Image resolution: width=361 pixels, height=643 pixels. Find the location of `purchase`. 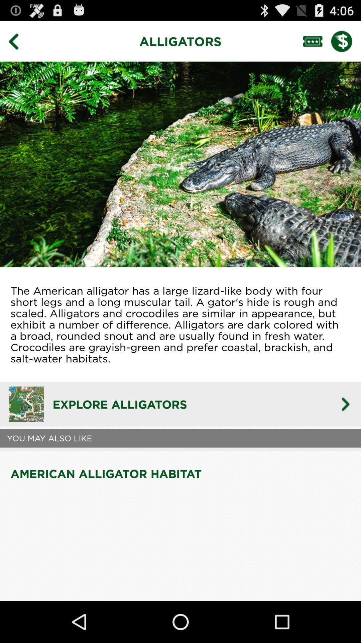

purchase is located at coordinates (346, 41).